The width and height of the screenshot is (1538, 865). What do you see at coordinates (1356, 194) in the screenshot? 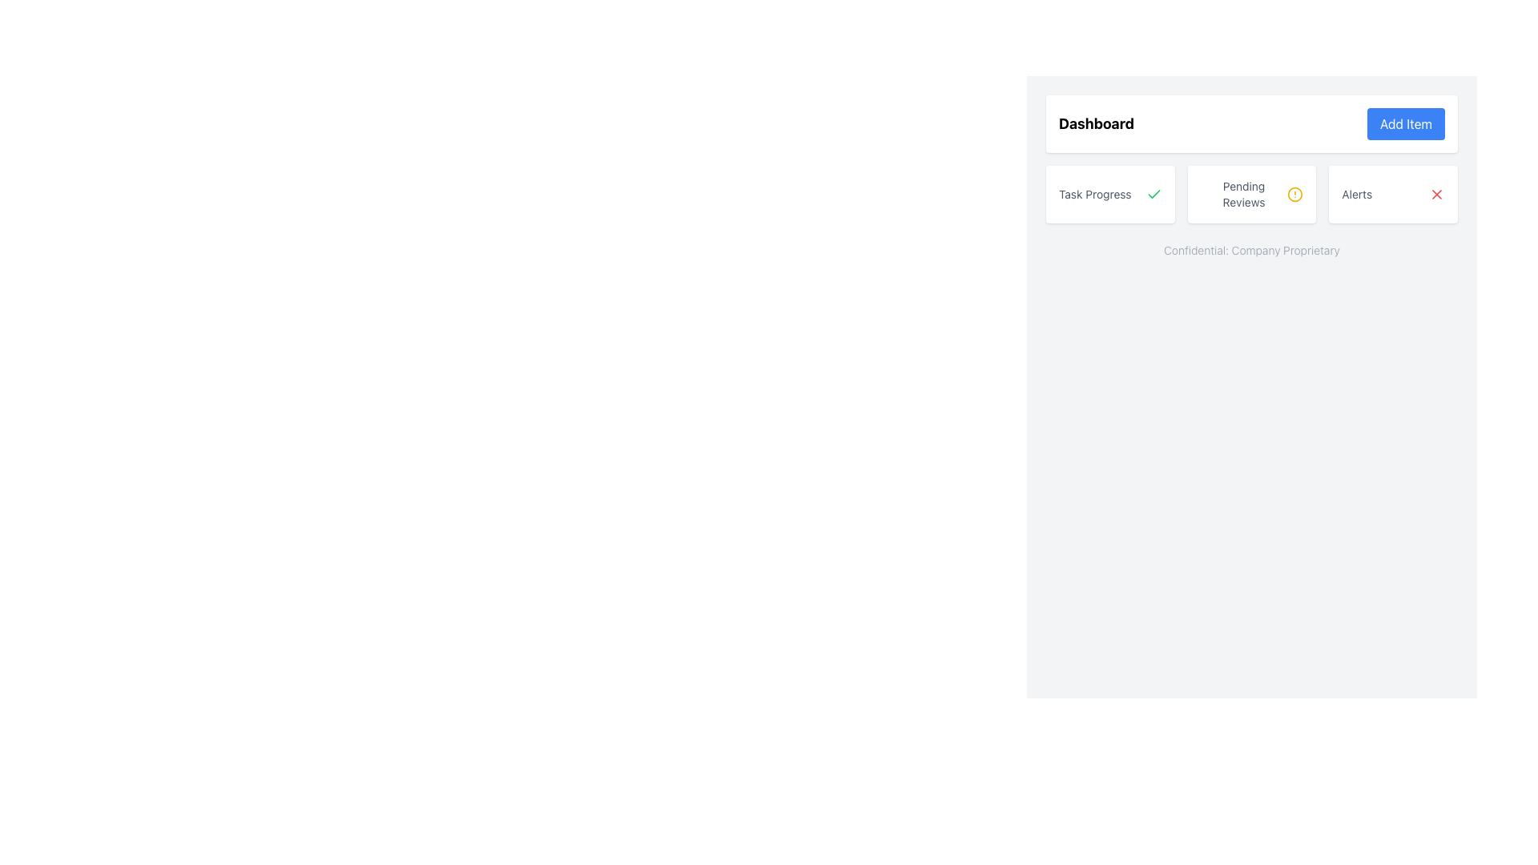
I see `the 'Alerts' text label, which is styled with a small font size and gray color, located in the top-right corner of the dashboard interface, adjacent to a red-colored 'X' symbol` at bounding box center [1356, 194].